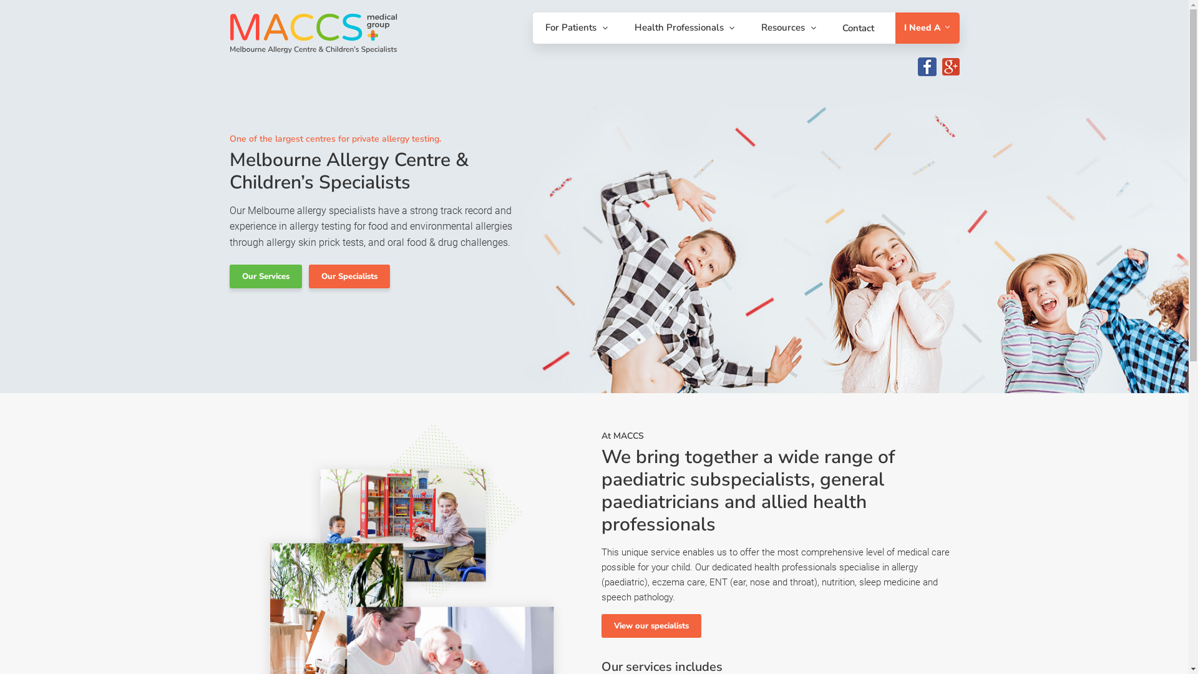 The width and height of the screenshot is (1198, 674). Describe the element at coordinates (578, 27) in the screenshot. I see `'For Patients'` at that location.